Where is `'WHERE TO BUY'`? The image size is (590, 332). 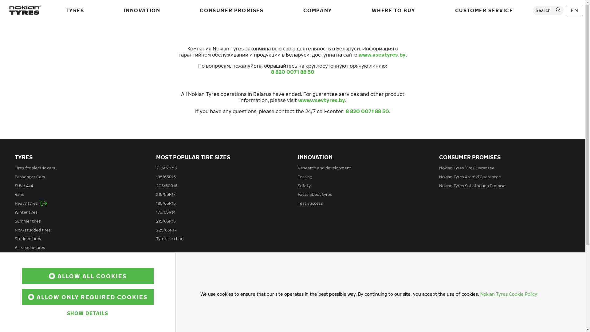 'WHERE TO BUY' is located at coordinates (394, 10).